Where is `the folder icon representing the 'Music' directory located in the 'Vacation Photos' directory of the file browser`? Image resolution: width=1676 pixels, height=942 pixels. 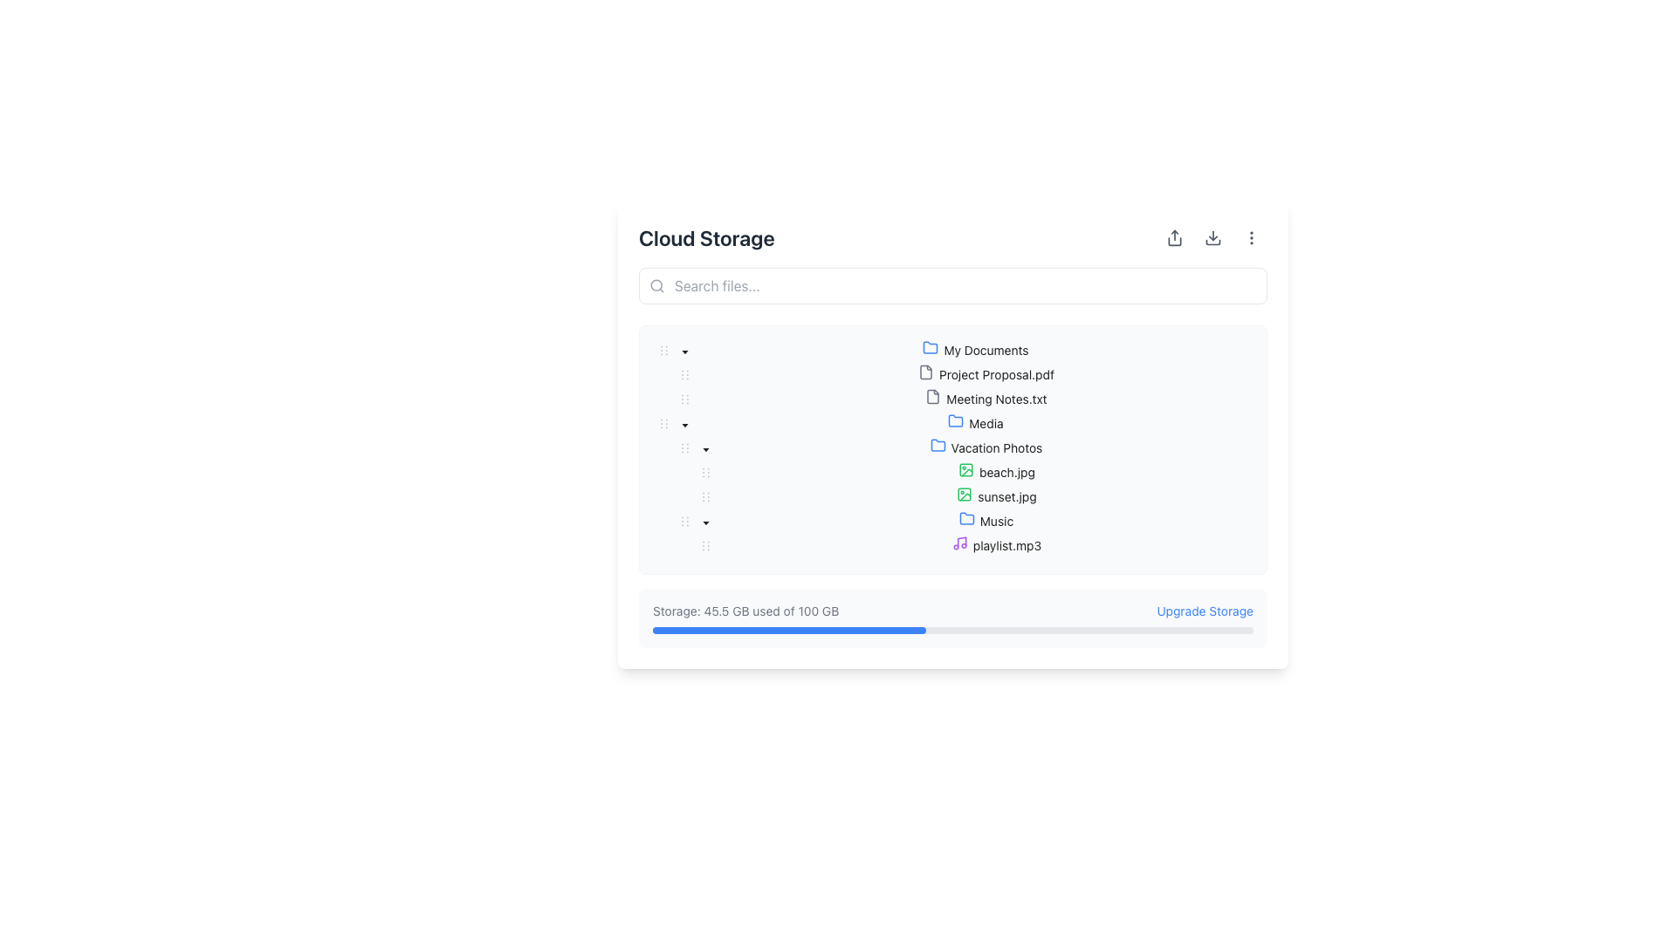
the folder icon representing the 'Music' directory located in the 'Vacation Photos' directory of the file browser is located at coordinates (968, 520).